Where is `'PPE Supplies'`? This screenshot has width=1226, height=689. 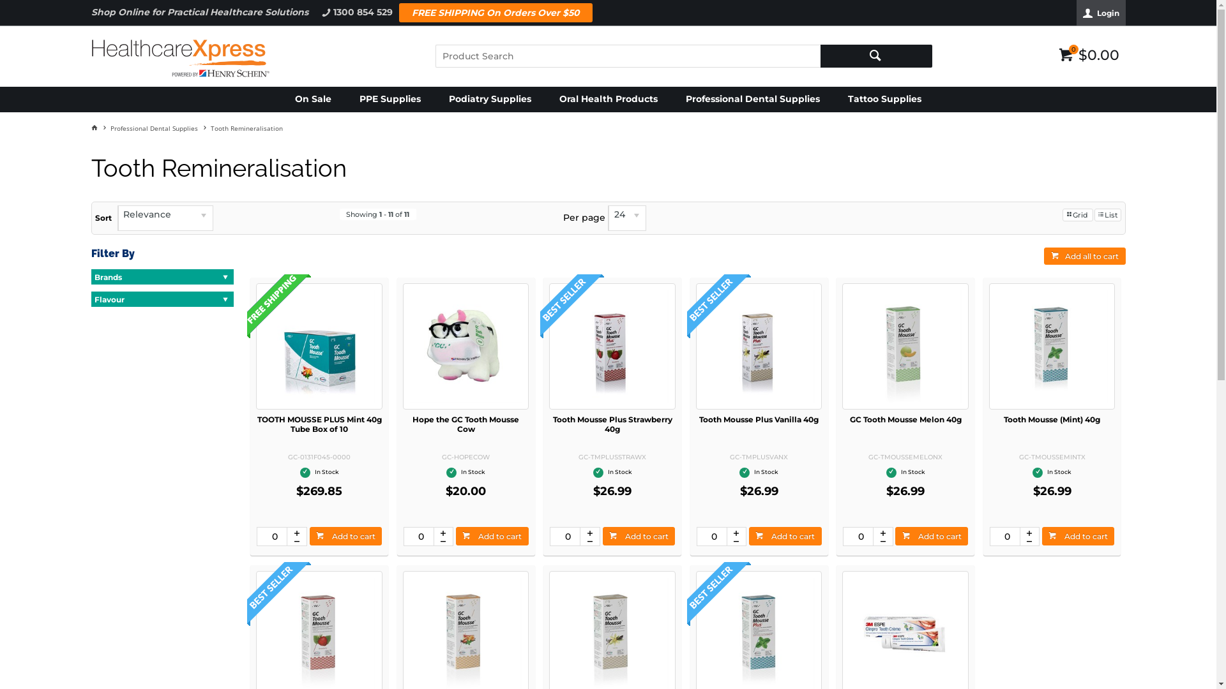
'PPE Supplies' is located at coordinates (389, 98).